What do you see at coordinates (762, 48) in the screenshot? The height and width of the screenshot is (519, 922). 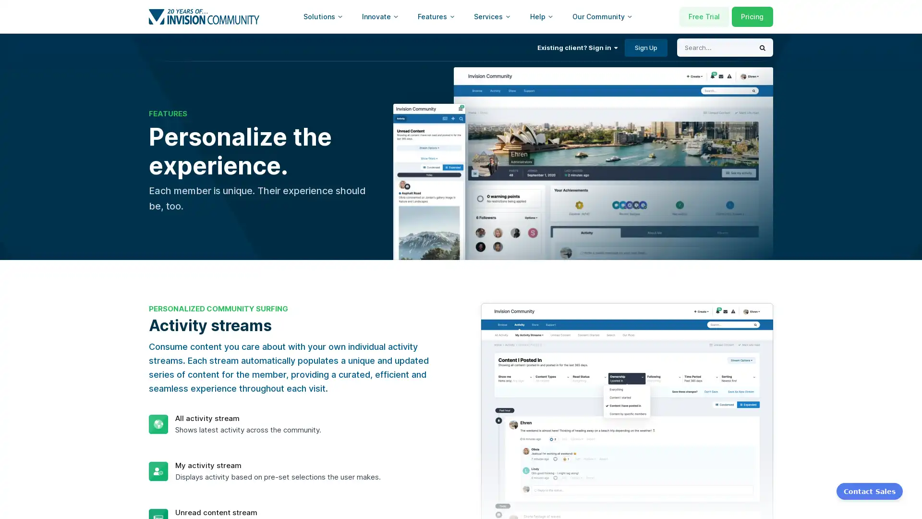 I see `Search` at bounding box center [762, 48].